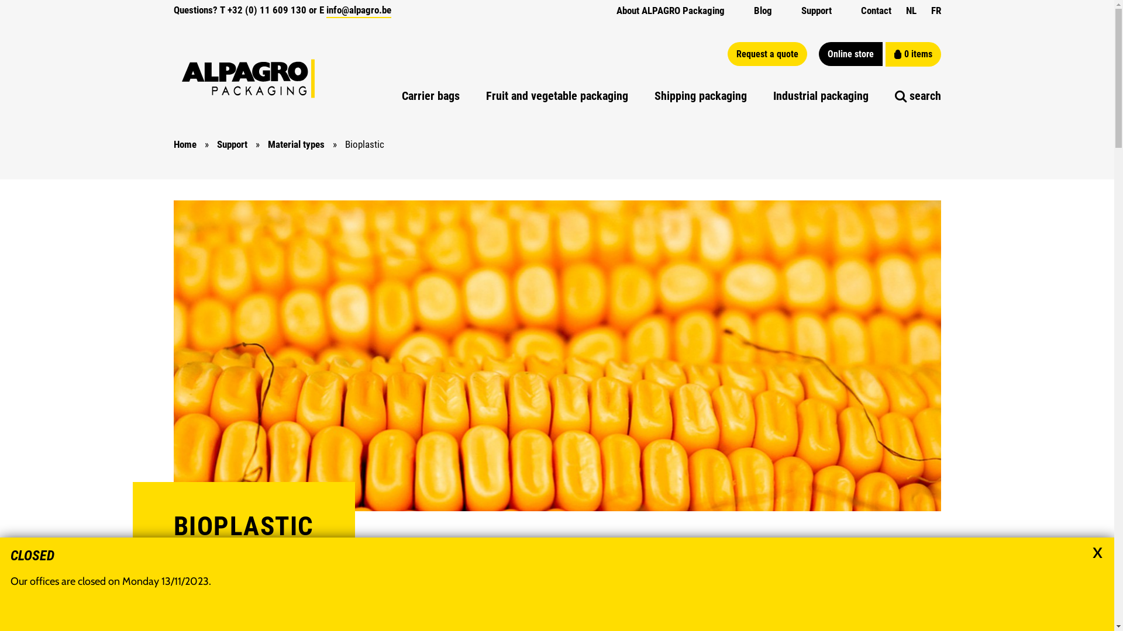 The image size is (1123, 631). I want to click on 'Fruit and vegetable packaging', so click(556, 95).